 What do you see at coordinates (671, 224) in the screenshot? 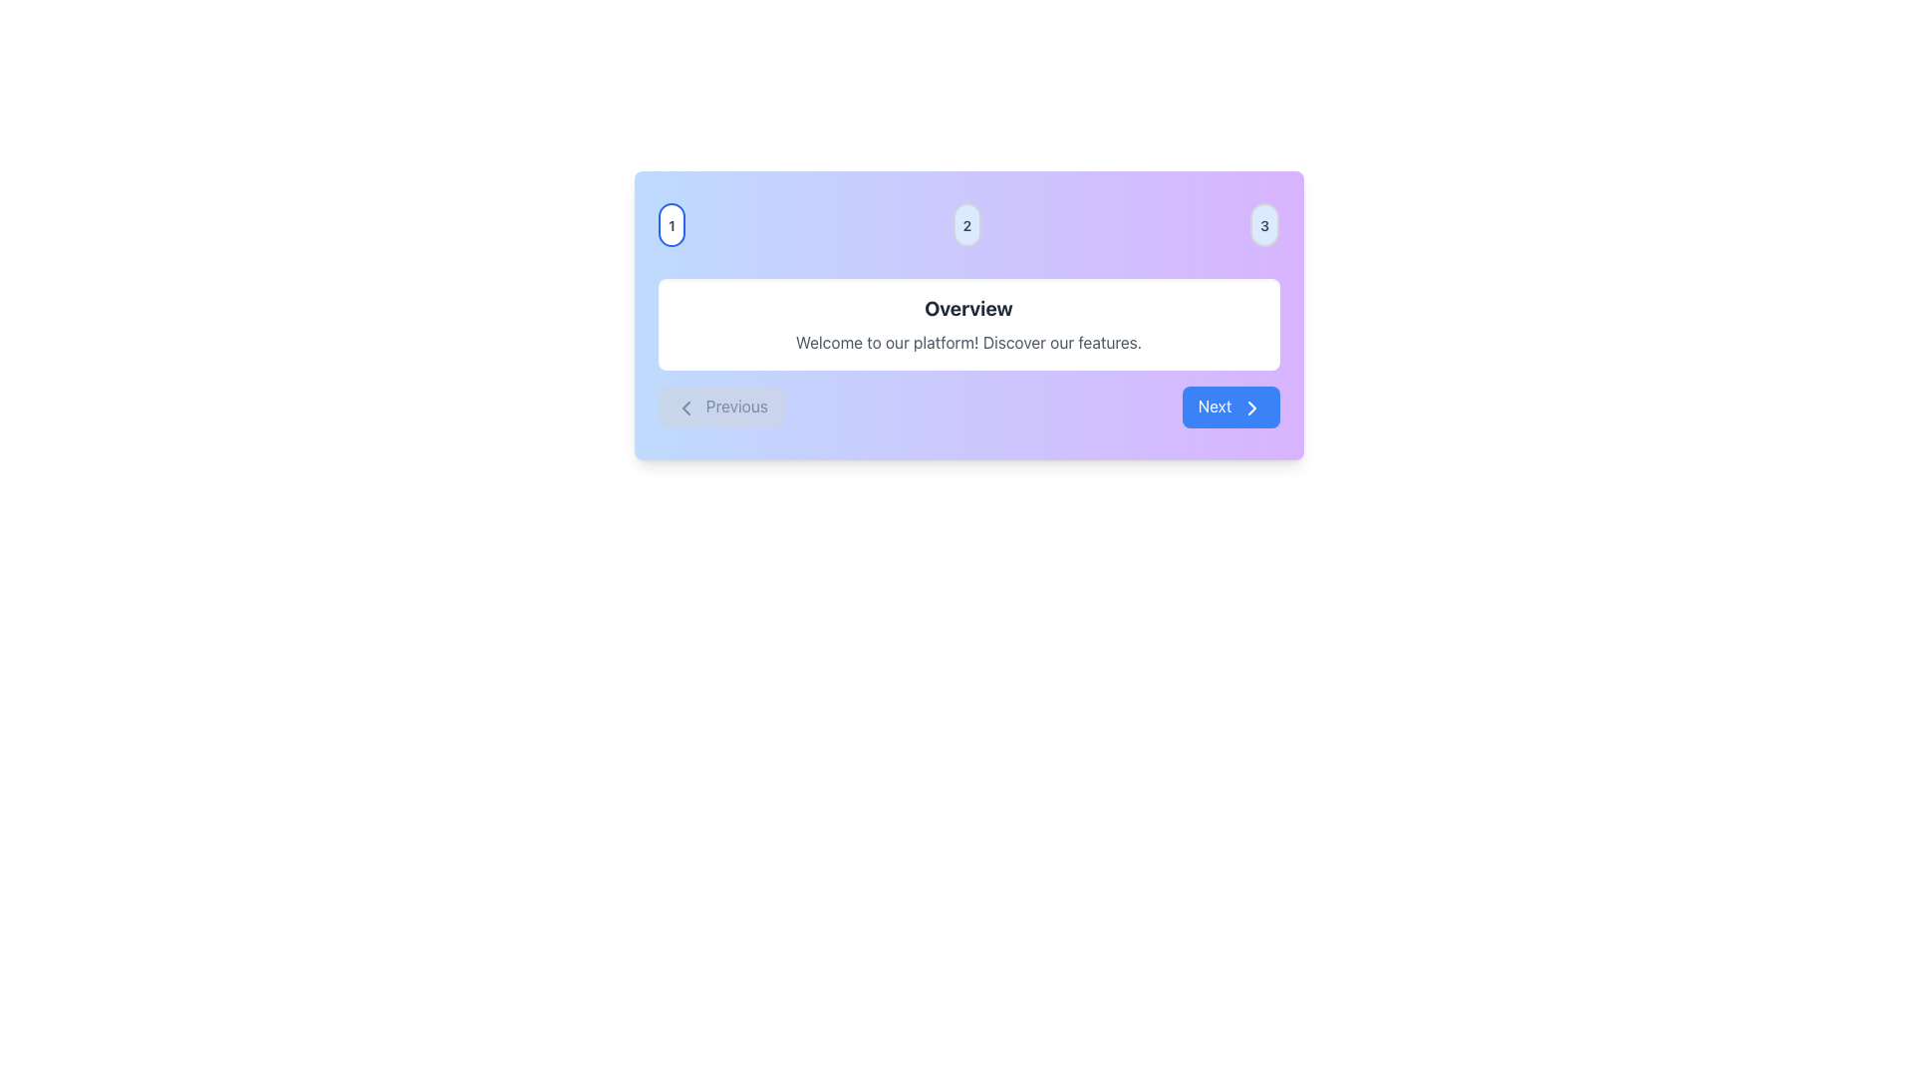
I see `the text label indicating step 1, which is located in the center of the leftmost rounded button in the horizontal navigation bar` at bounding box center [671, 224].